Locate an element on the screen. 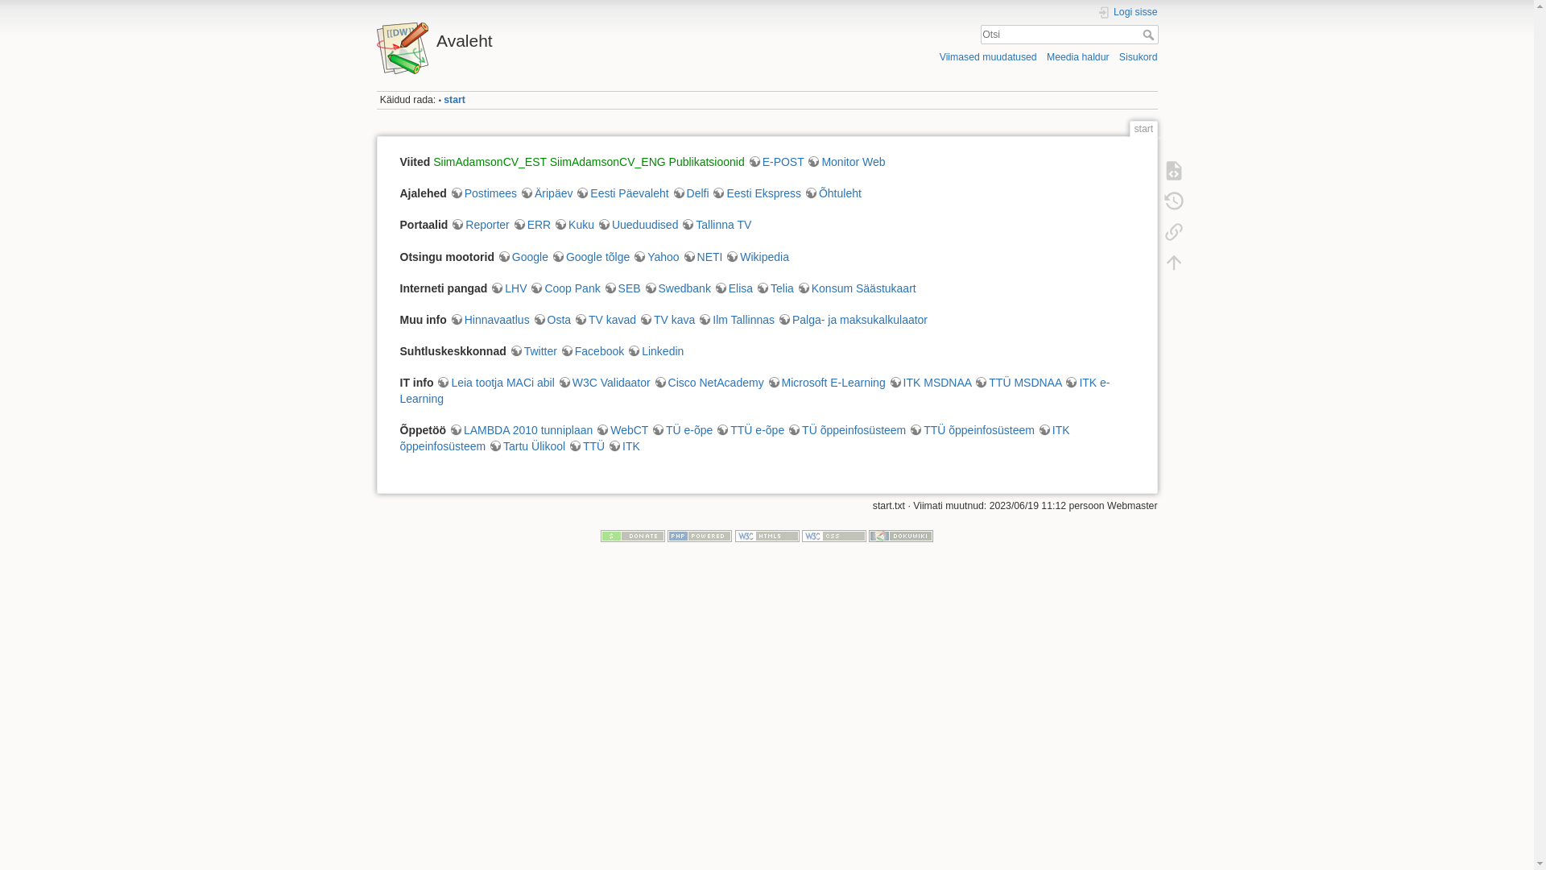 The width and height of the screenshot is (1546, 870). 'LHV' is located at coordinates (507, 288).